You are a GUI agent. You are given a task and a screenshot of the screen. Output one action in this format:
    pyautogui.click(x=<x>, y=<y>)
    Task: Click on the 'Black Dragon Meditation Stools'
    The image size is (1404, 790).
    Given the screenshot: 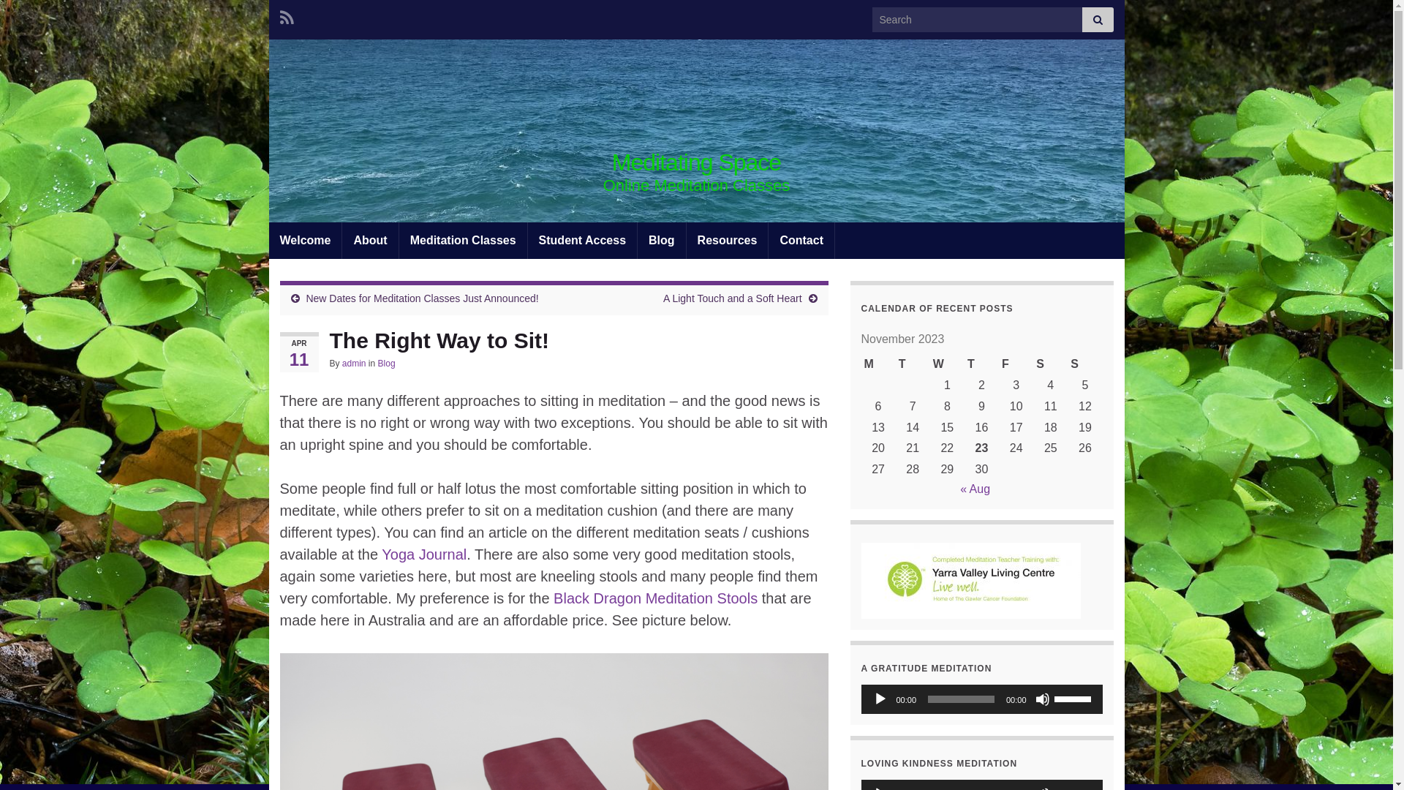 What is the action you would take?
    pyautogui.click(x=654, y=598)
    